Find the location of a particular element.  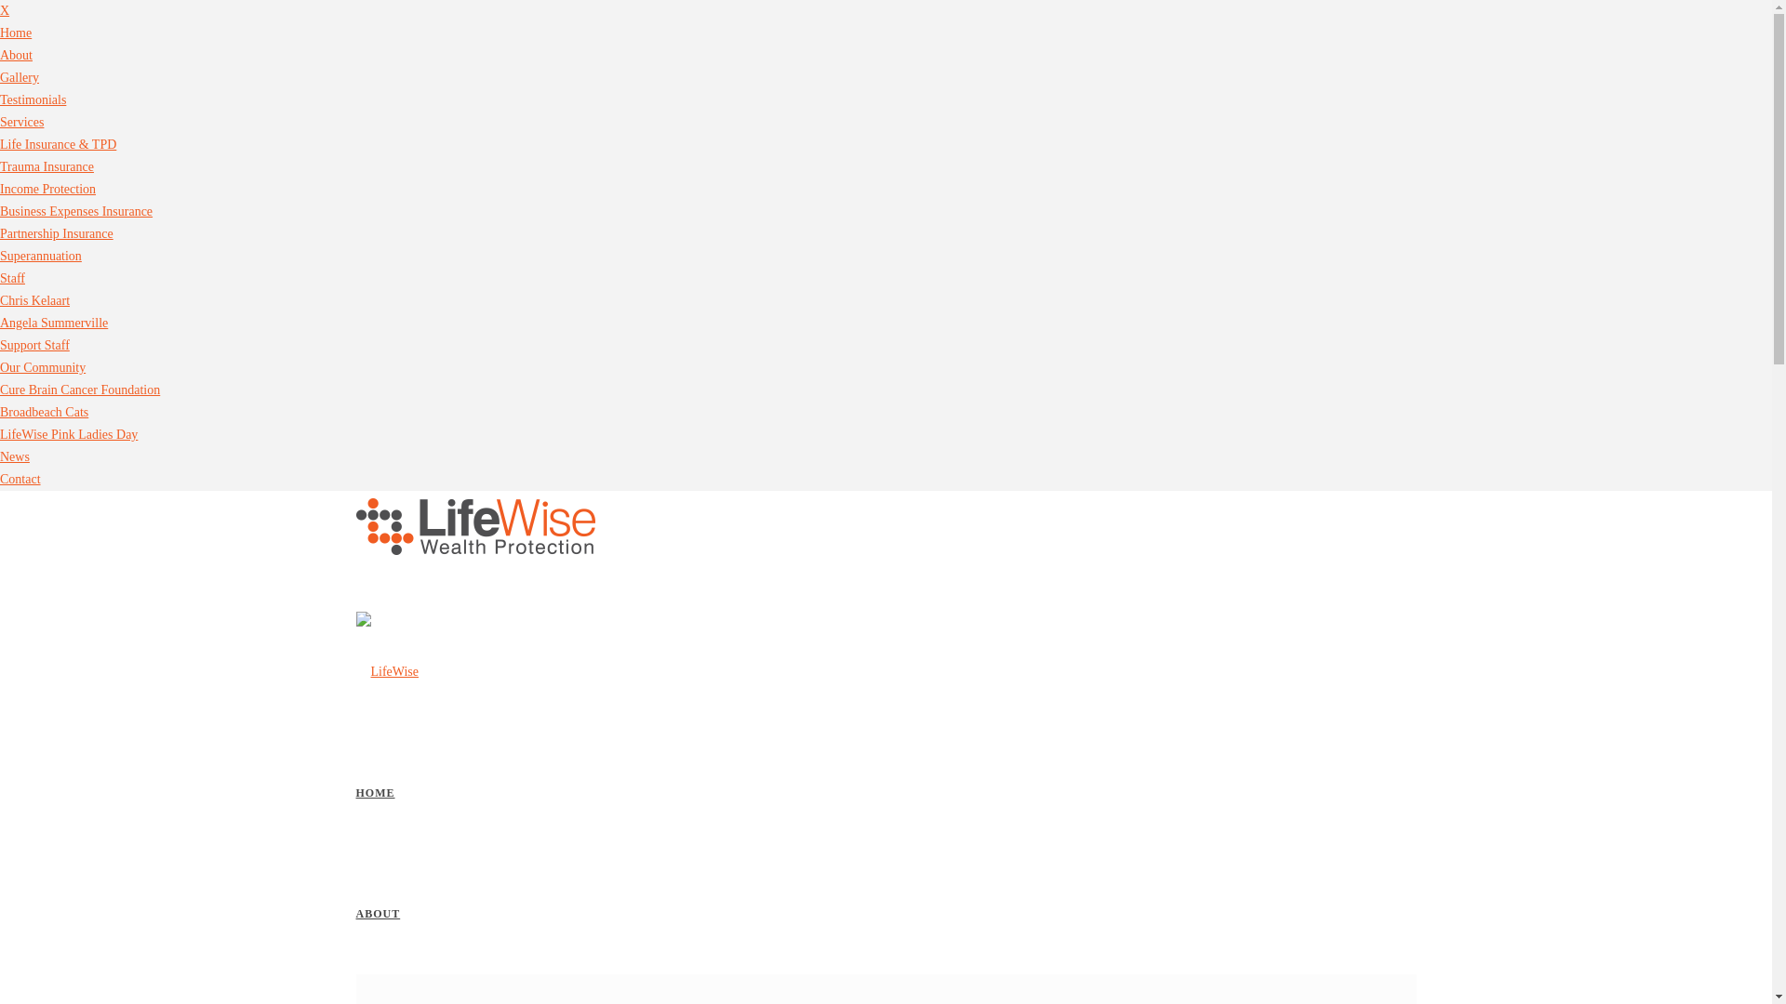

'Business Expenses Insurance' is located at coordinates (74, 210).